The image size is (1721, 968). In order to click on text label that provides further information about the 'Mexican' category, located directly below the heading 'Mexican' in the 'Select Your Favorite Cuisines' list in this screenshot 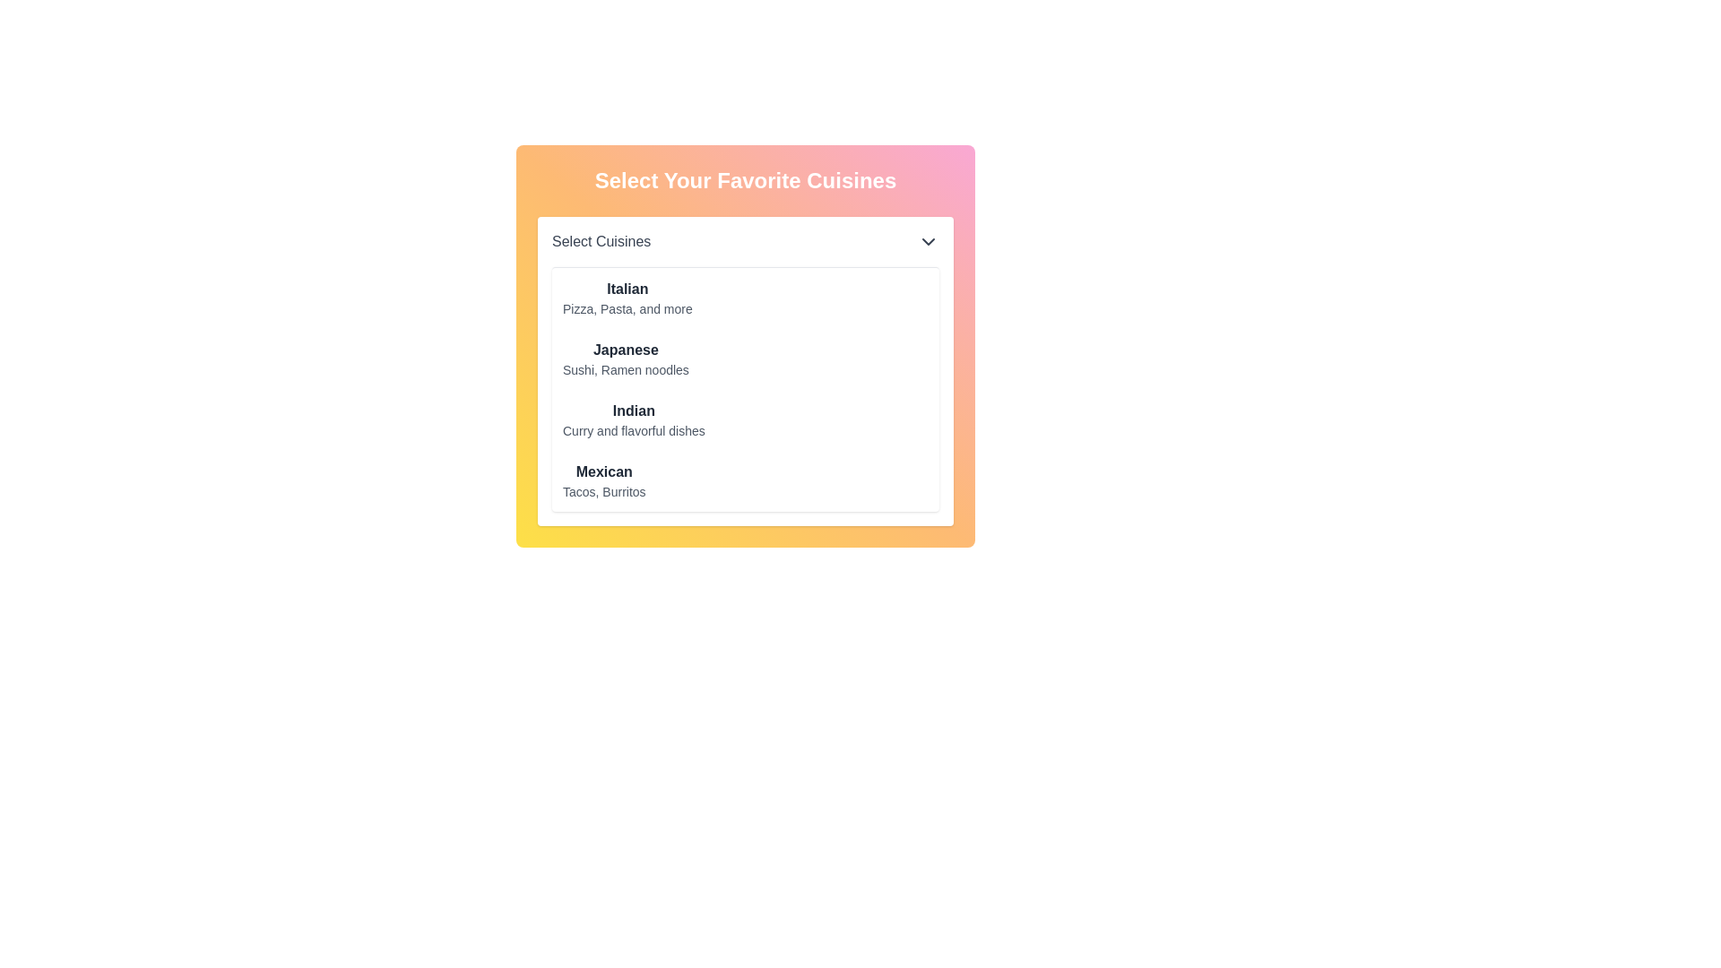, I will do `click(604, 491)`.